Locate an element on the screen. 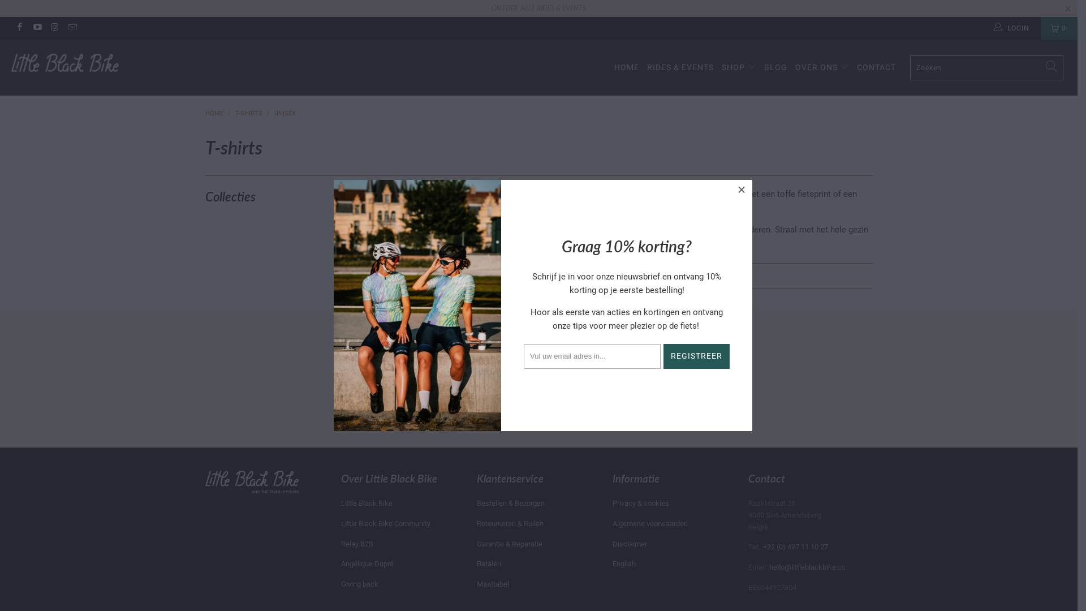 This screenshot has height=611, width=1086. 'Little Black Bike on Facebook' is located at coordinates (19, 28).